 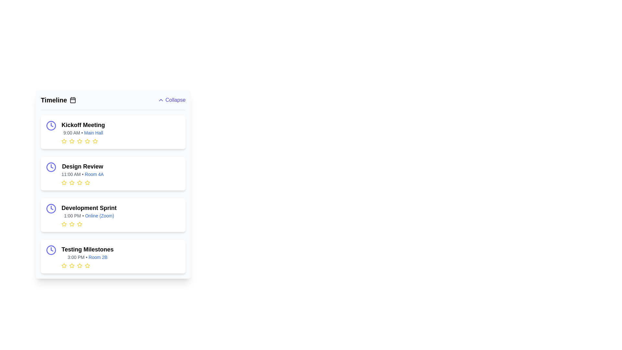 What do you see at coordinates (51, 250) in the screenshot?
I see `the indigo clock icon located at the top left corner of the 'Testing Milestones' card` at bounding box center [51, 250].